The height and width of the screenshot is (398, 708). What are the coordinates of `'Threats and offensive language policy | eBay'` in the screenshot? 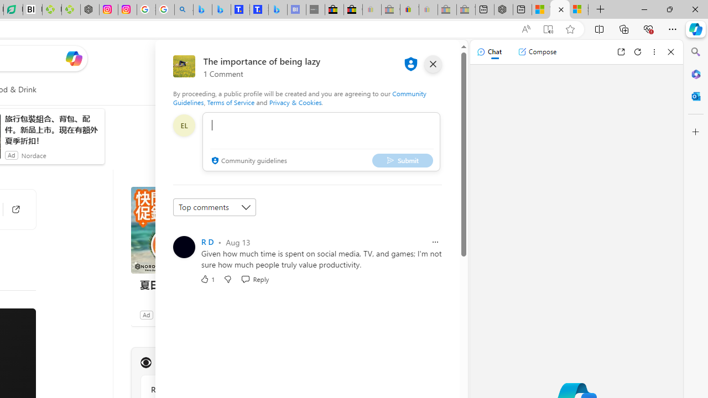 It's located at (409, 9).